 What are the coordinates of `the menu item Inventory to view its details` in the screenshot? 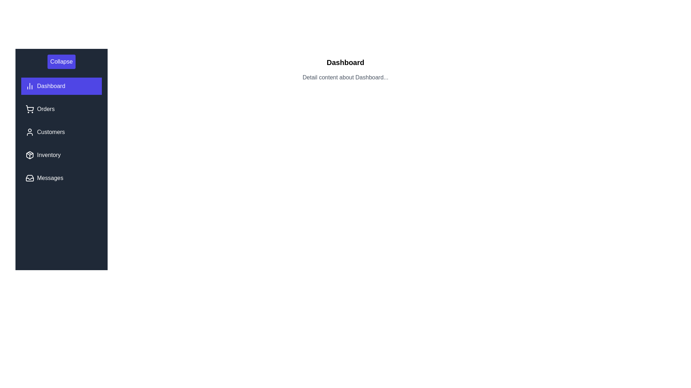 It's located at (62, 155).